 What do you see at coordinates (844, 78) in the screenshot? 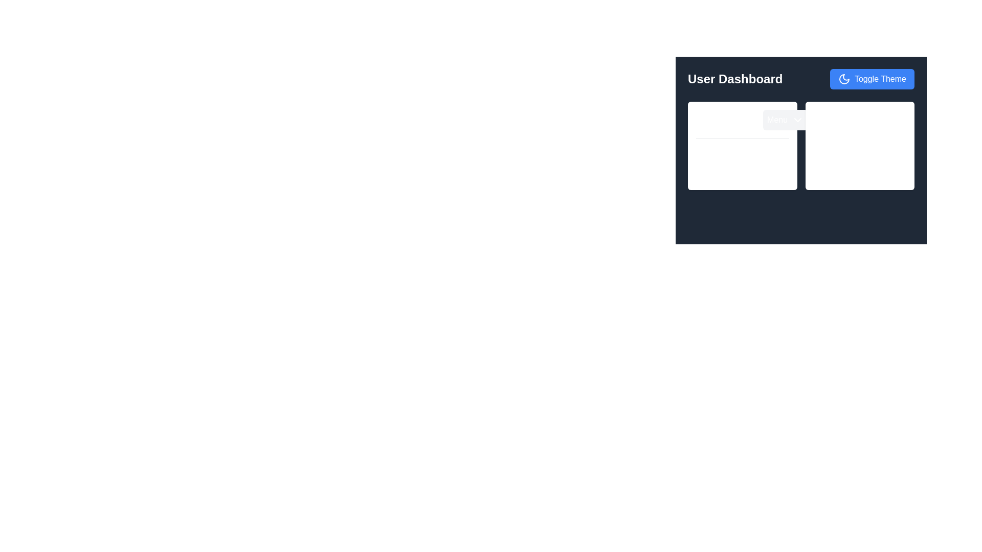
I see `the moon icon located within the 'Toggle Theme' button in the top-right region of the UI layout` at bounding box center [844, 78].